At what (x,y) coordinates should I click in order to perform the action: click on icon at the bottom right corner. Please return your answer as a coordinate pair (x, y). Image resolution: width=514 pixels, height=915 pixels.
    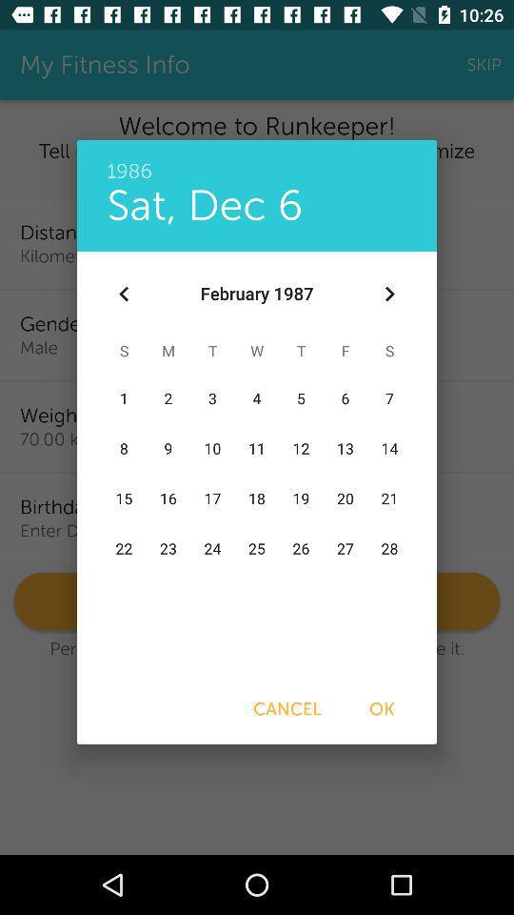
    Looking at the image, I should click on (382, 708).